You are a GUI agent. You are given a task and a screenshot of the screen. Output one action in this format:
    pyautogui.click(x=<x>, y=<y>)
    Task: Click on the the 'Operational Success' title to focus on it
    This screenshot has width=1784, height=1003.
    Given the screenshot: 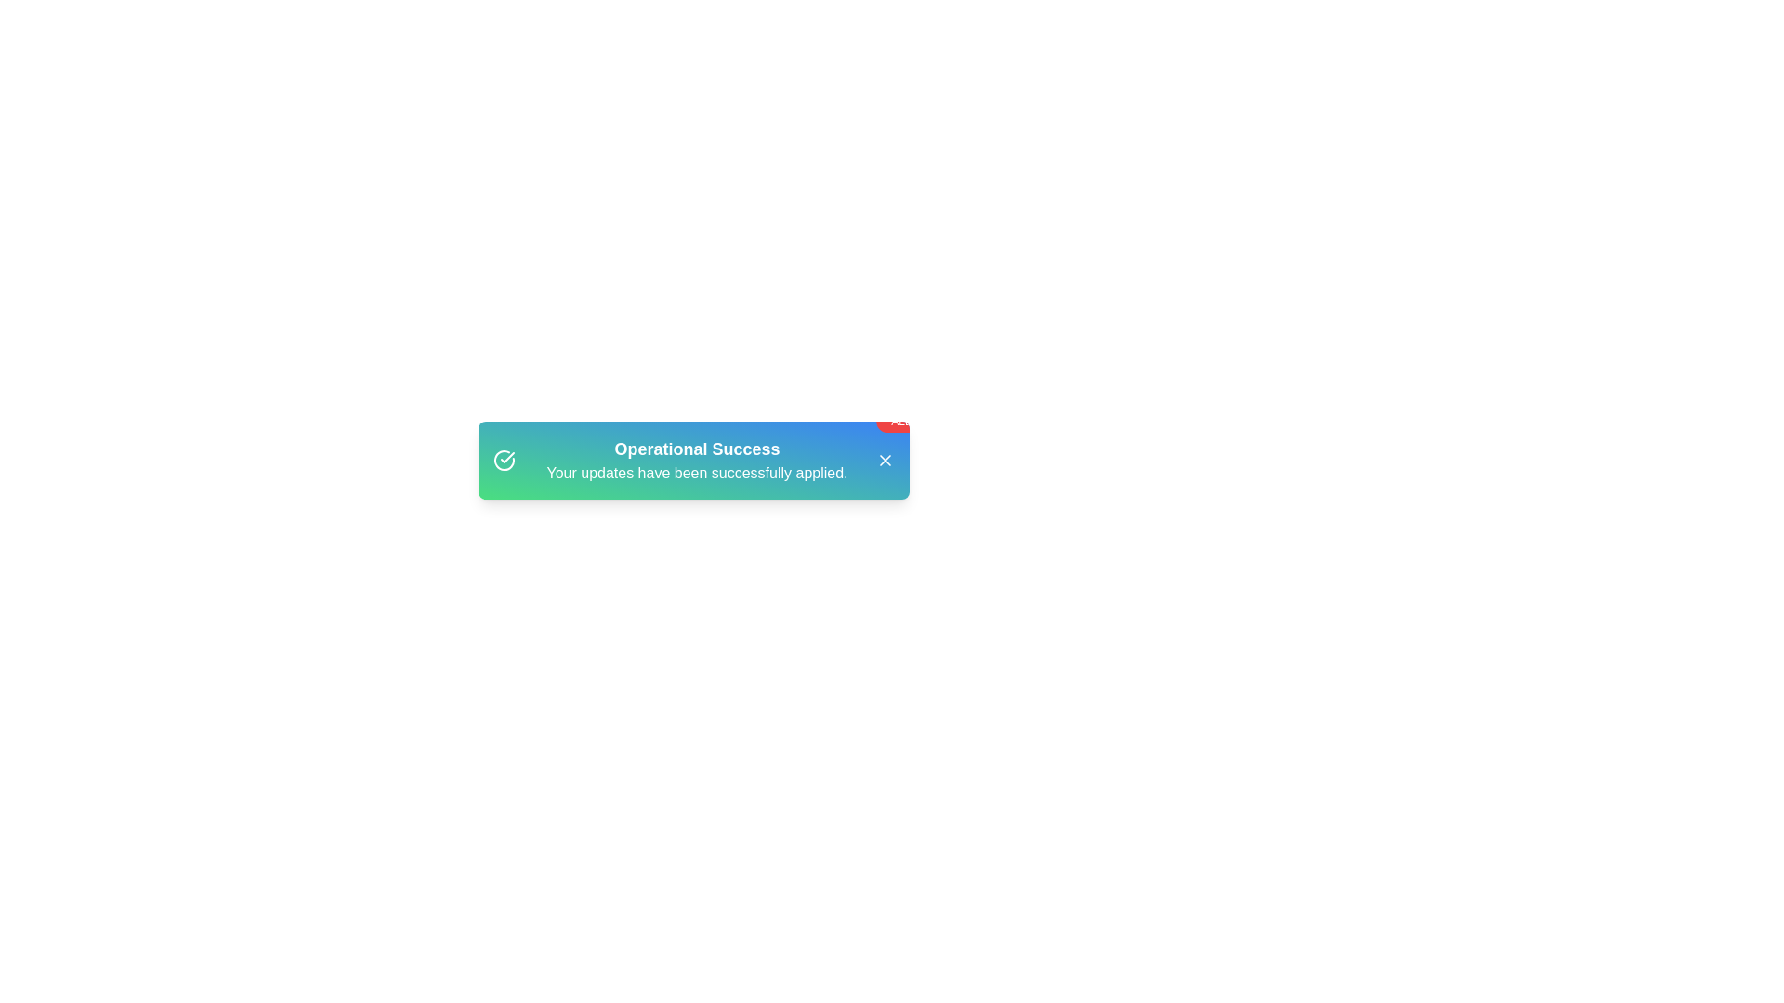 What is the action you would take?
    pyautogui.click(x=696, y=449)
    